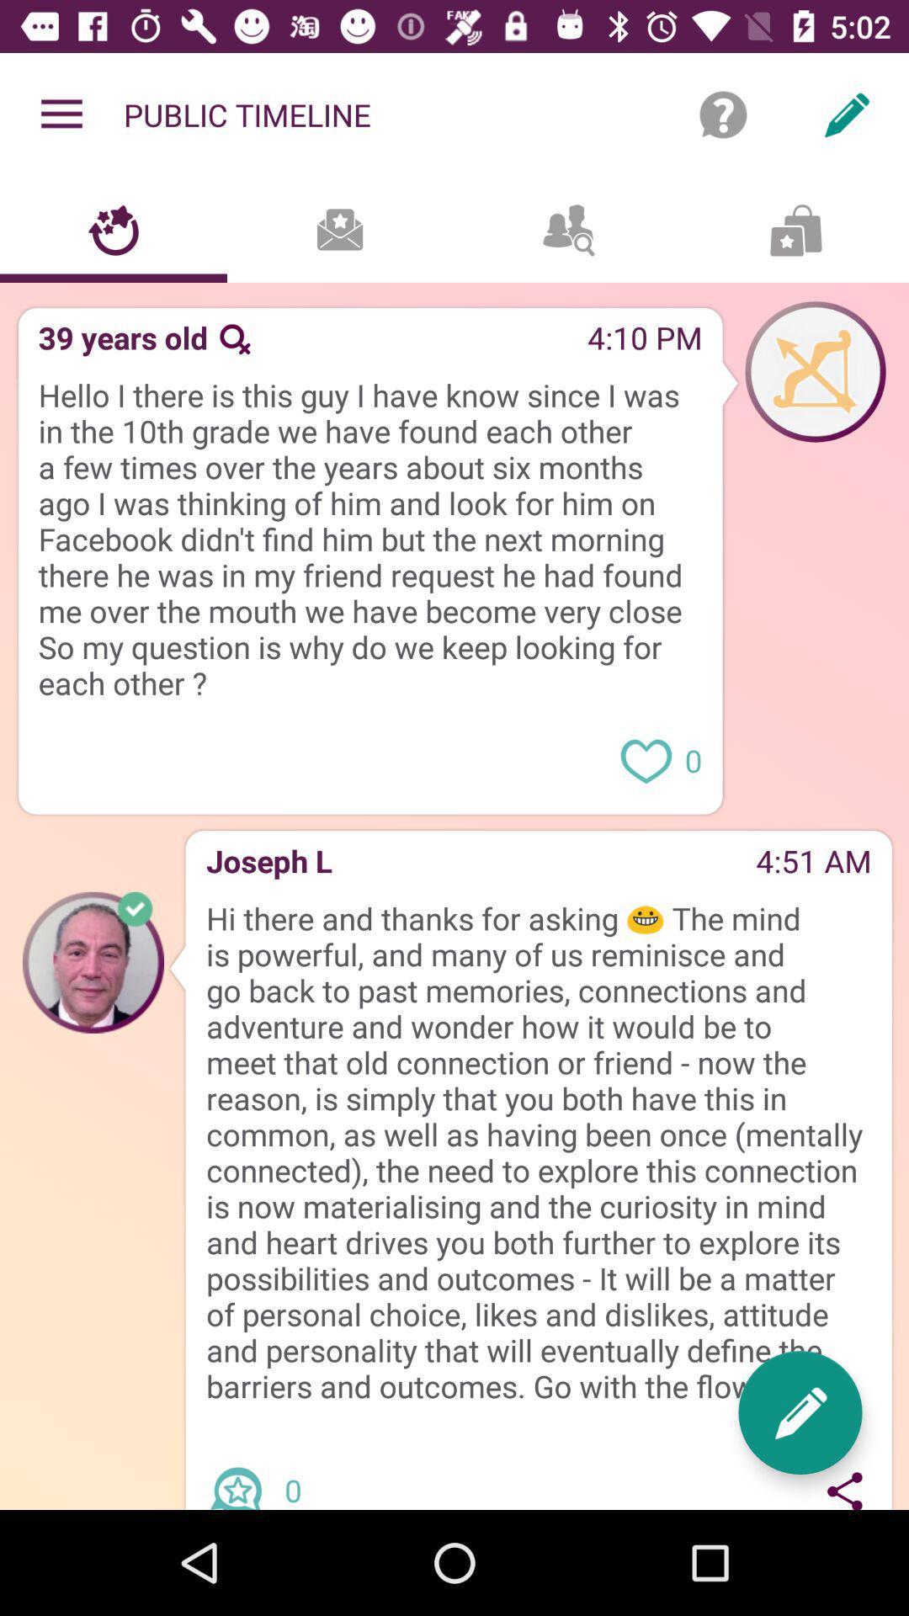 The width and height of the screenshot is (909, 1616). What do you see at coordinates (116, 343) in the screenshot?
I see `the 39 years old item` at bounding box center [116, 343].